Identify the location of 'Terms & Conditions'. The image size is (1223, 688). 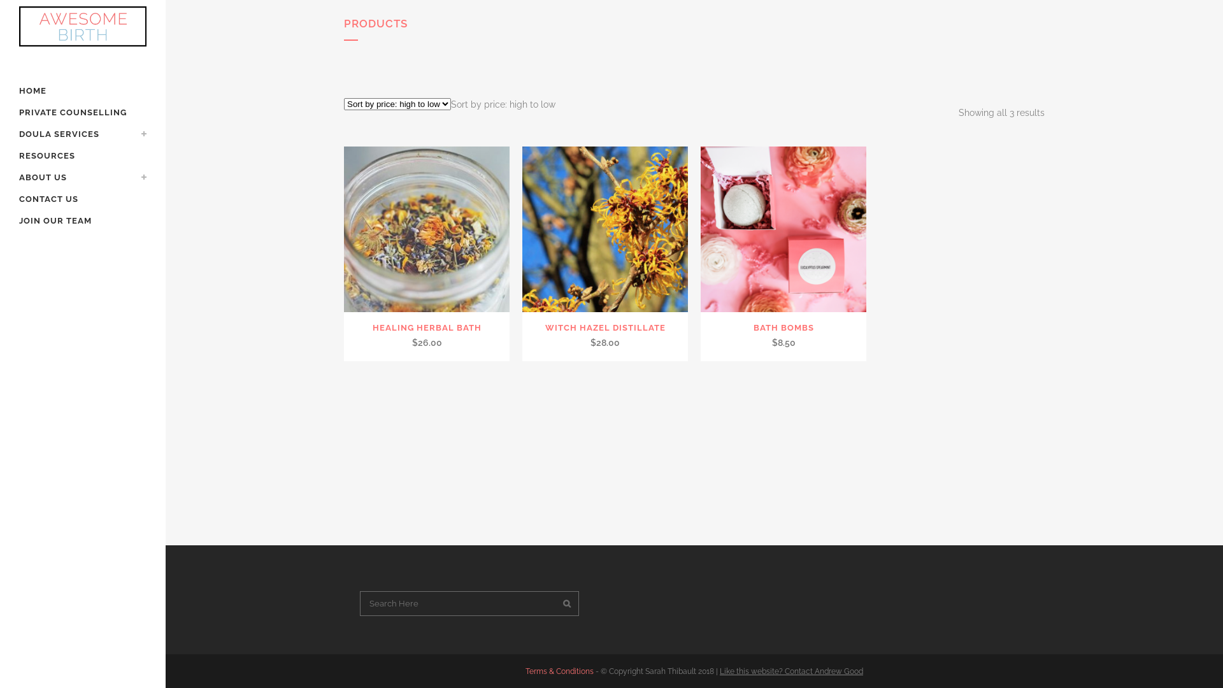
(526, 670).